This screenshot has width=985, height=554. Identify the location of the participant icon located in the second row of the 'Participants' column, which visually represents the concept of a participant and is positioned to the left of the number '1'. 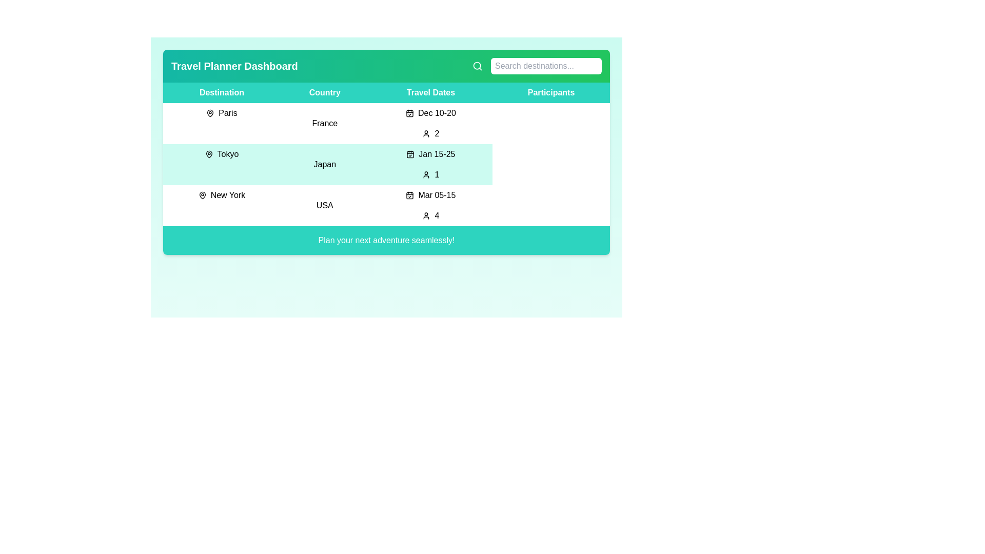
(426, 174).